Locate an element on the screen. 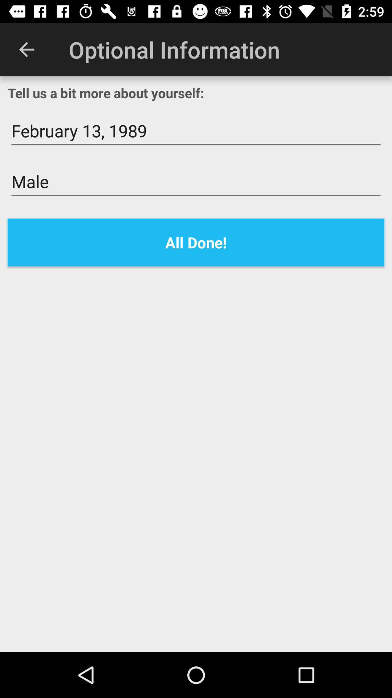 The image size is (392, 698). the icon below the tell us a is located at coordinates (196, 131).